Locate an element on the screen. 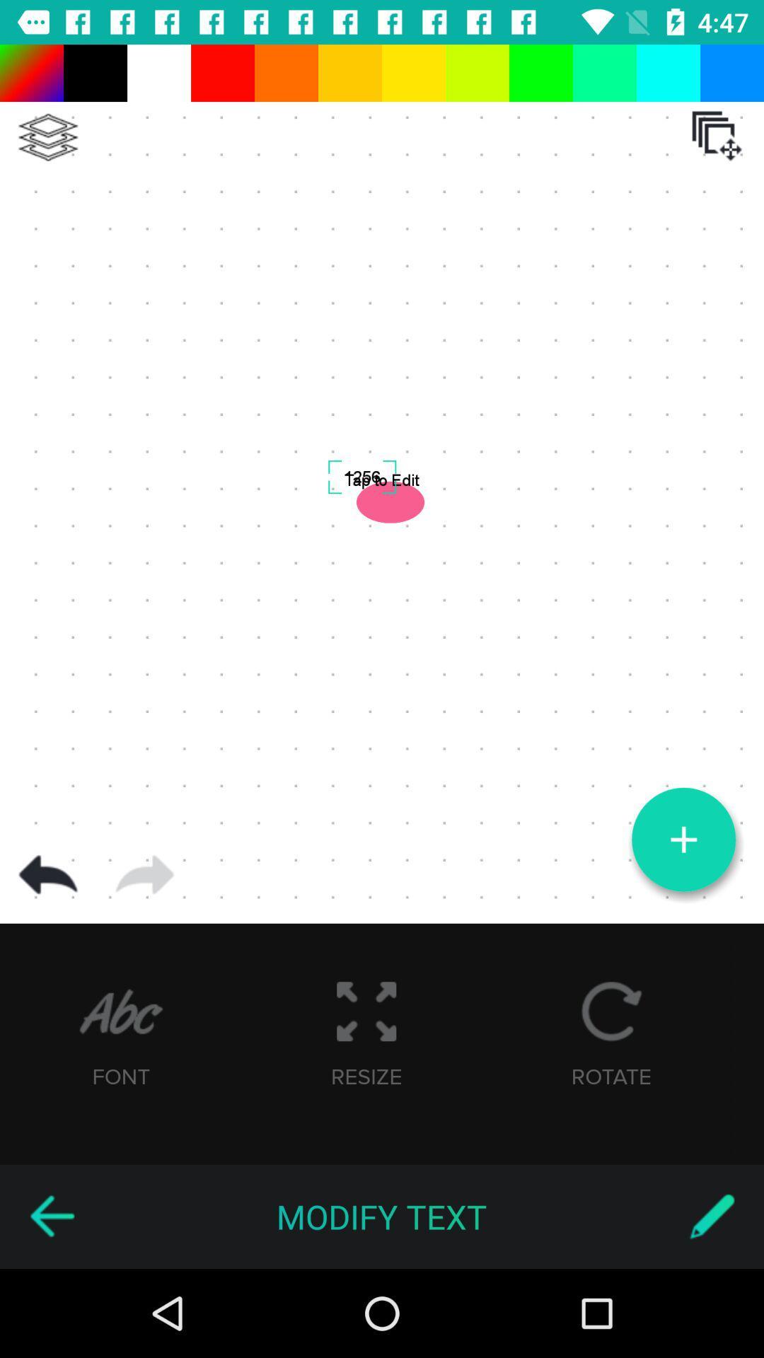 This screenshot has width=764, height=1358. the arrow_forward icon is located at coordinates (144, 874).